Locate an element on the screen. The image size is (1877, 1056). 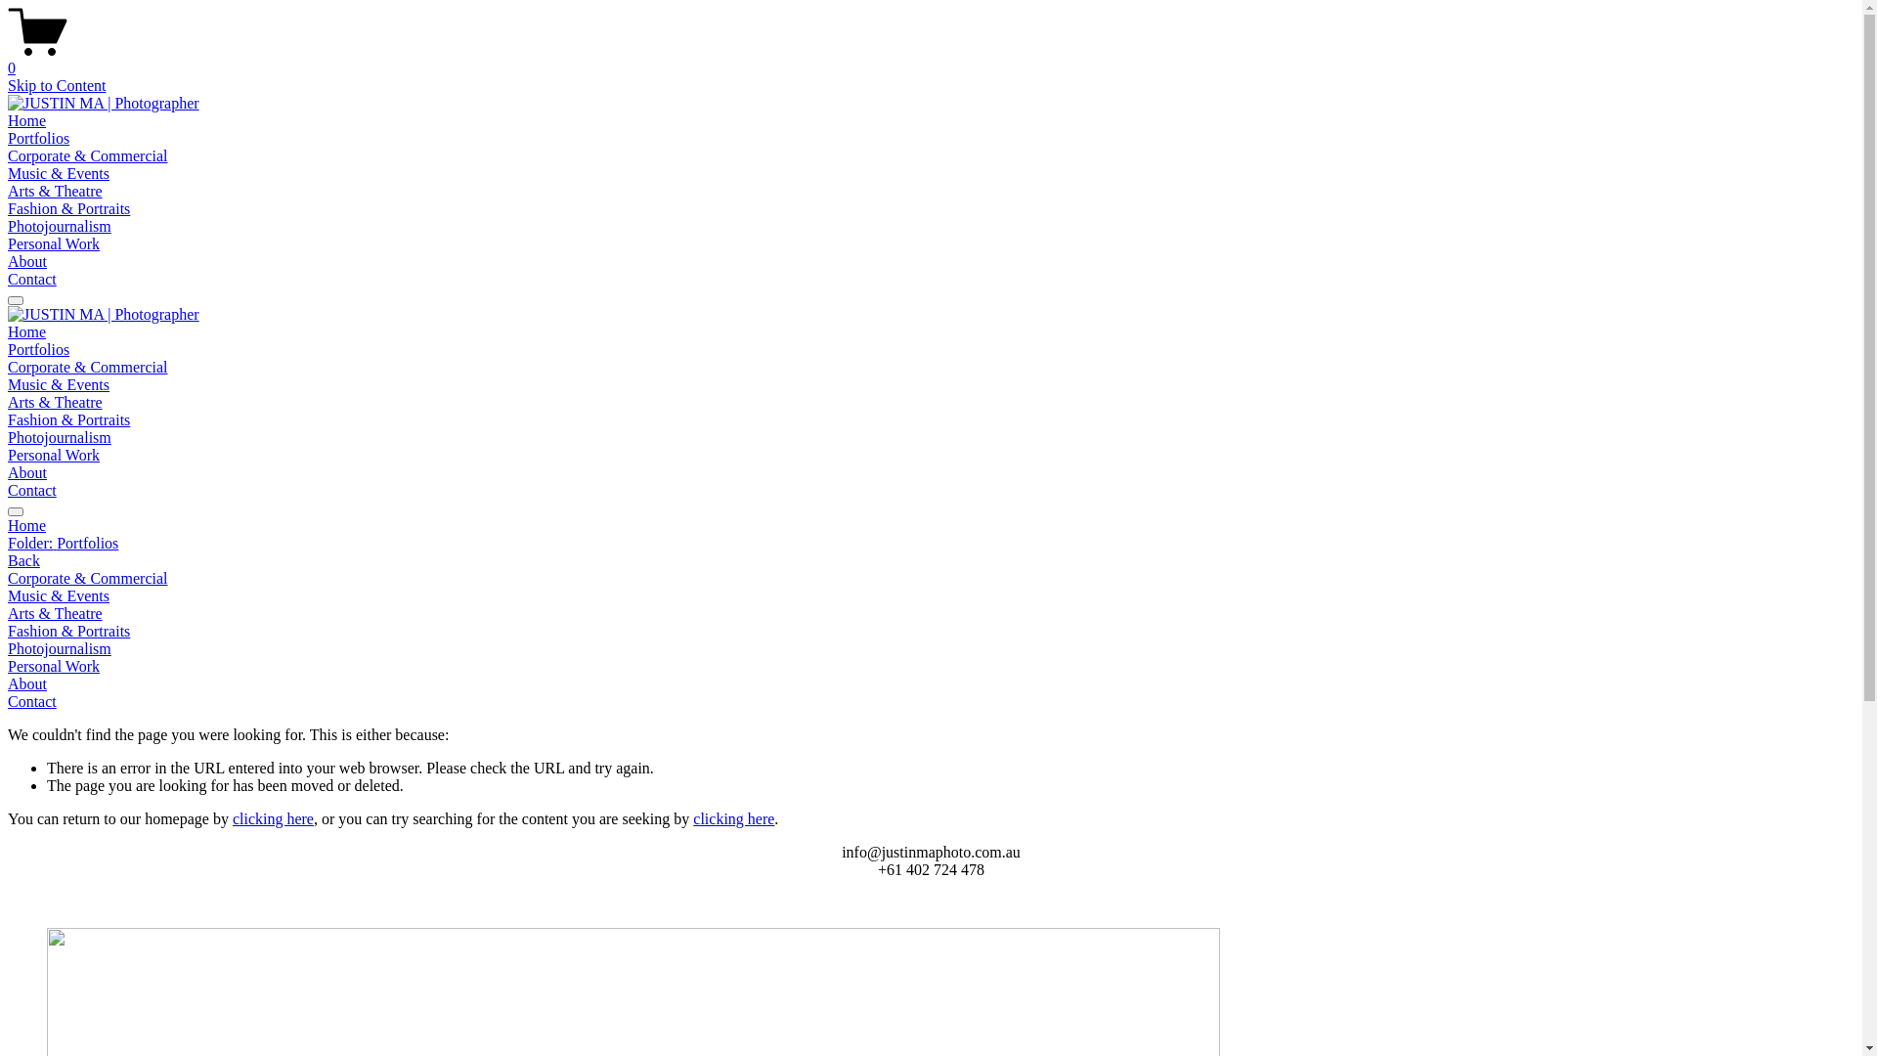
'Contact' is located at coordinates (930, 700).